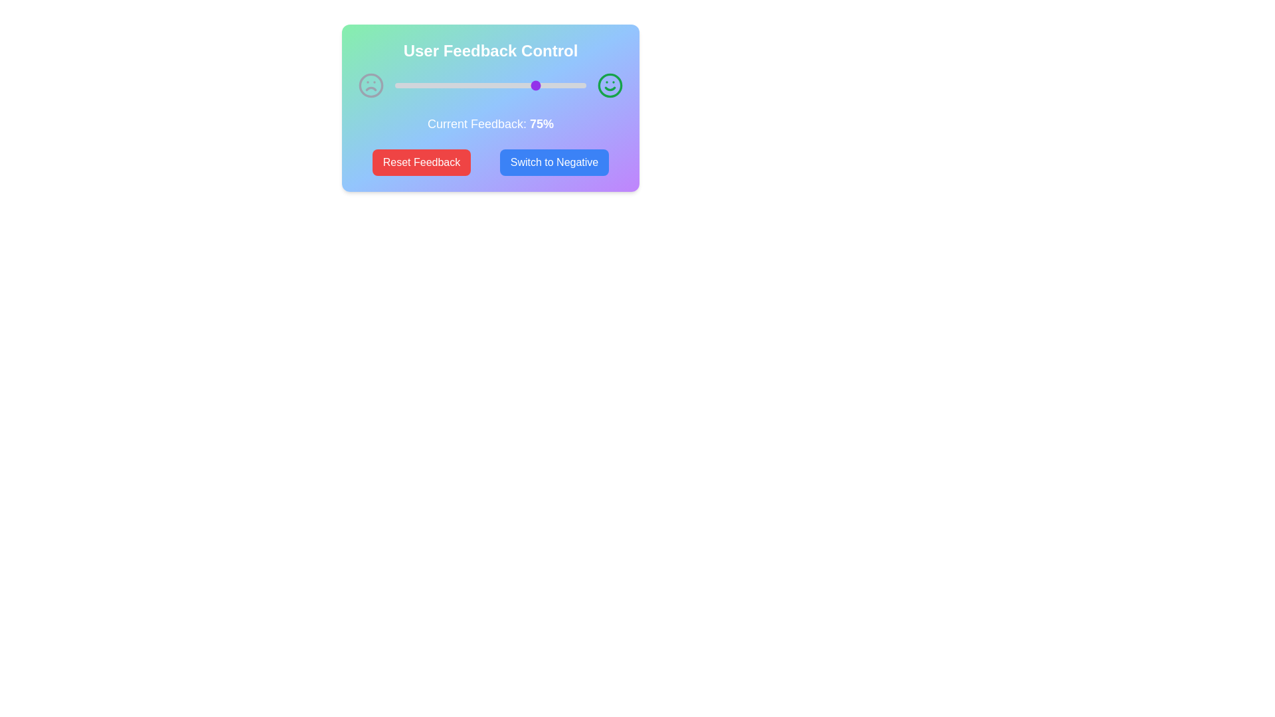  What do you see at coordinates (537, 85) in the screenshot?
I see `the feedback slider to set the feedback percentage to 74` at bounding box center [537, 85].